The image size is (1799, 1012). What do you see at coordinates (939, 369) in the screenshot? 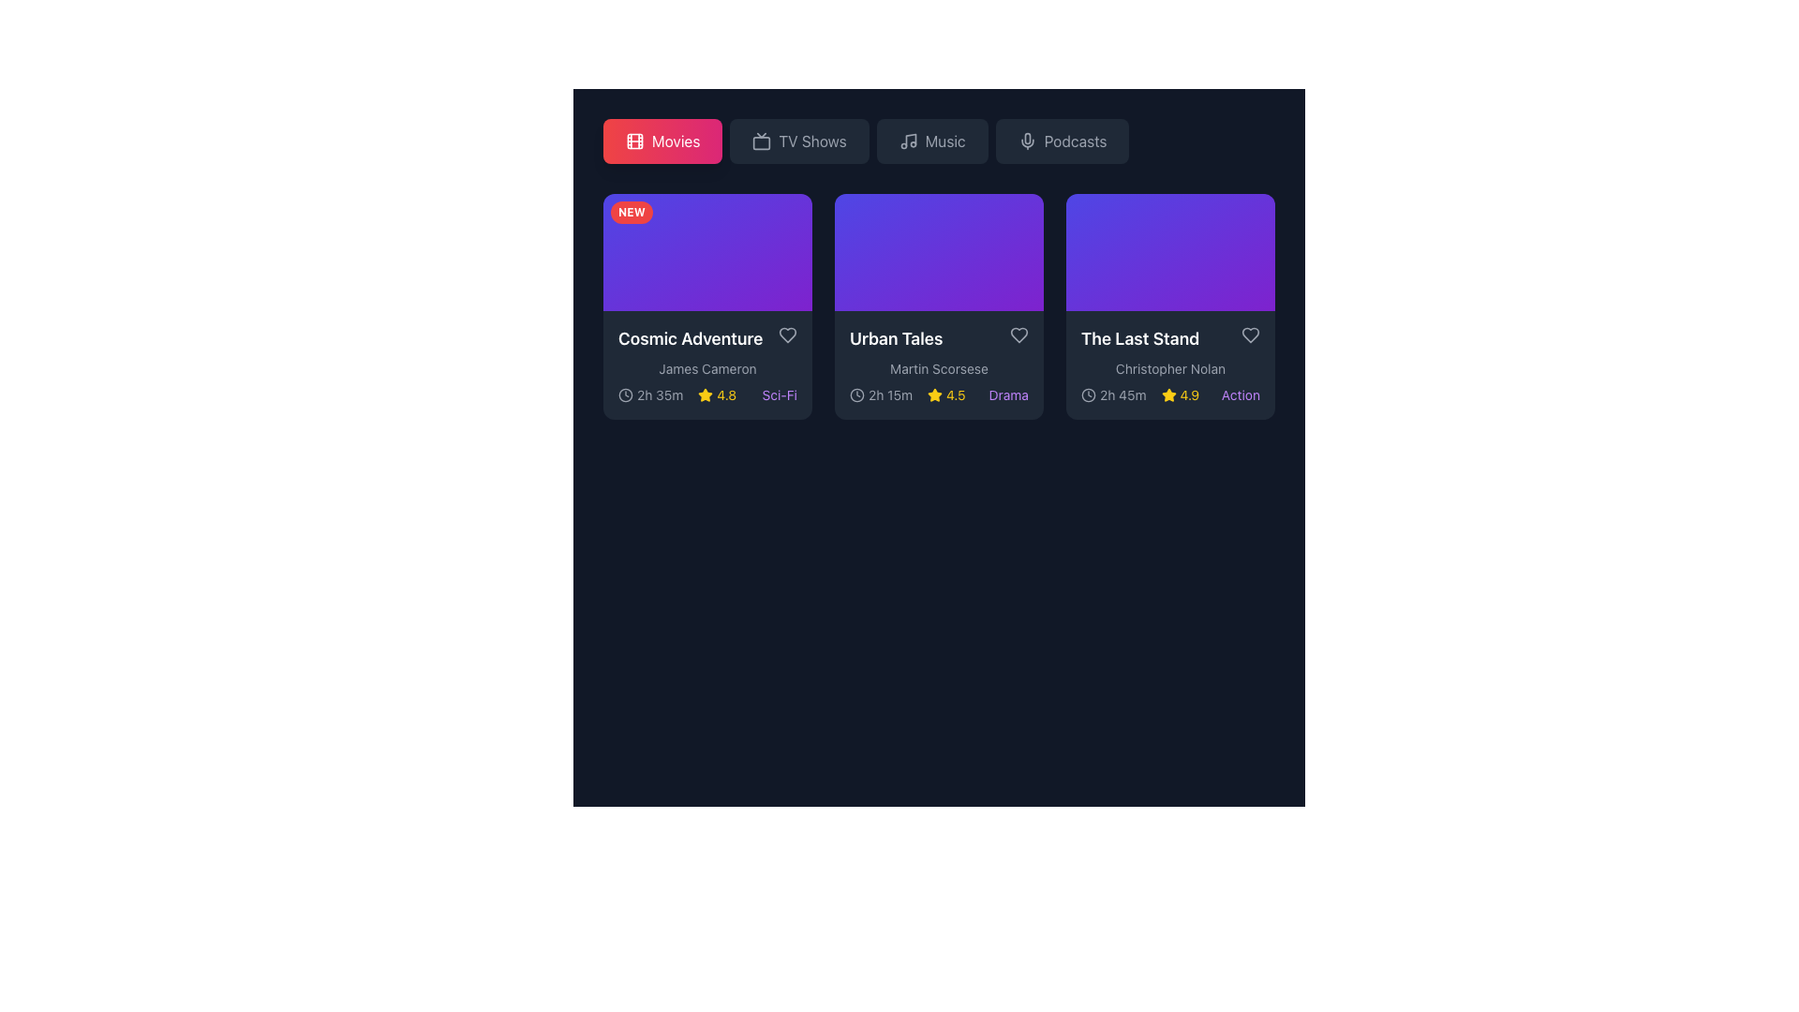
I see `the text label styled in a small, gray font that reads 'Martin Scorsese', positioned below the 'Urban Tales' title` at bounding box center [939, 369].